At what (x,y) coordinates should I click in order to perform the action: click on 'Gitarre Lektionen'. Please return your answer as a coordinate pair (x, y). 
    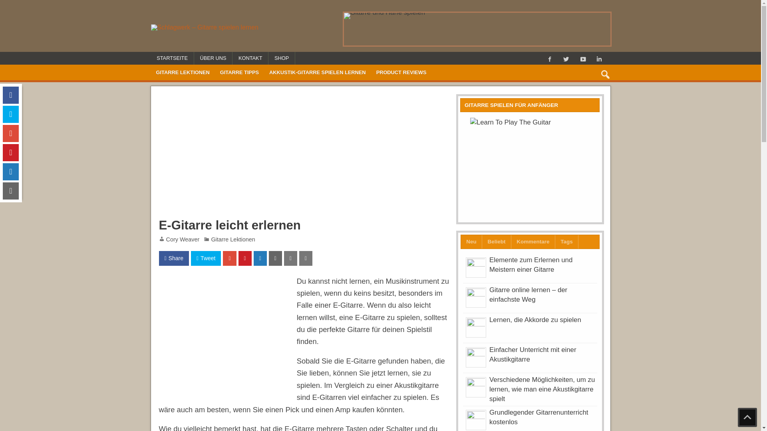
    Looking at the image, I should click on (232, 239).